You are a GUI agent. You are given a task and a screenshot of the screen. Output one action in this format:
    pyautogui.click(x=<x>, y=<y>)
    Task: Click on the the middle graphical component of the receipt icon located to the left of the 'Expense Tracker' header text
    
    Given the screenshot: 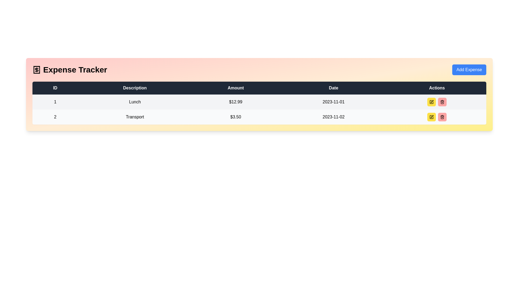 What is the action you would take?
    pyautogui.click(x=36, y=69)
    